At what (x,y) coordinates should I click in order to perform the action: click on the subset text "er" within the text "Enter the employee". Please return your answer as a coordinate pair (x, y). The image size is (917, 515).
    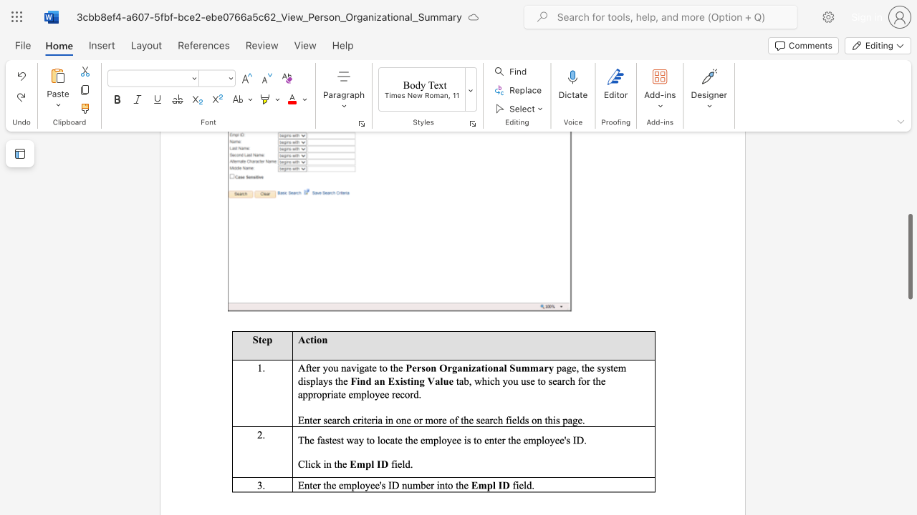
    Looking at the image, I should click on (312, 484).